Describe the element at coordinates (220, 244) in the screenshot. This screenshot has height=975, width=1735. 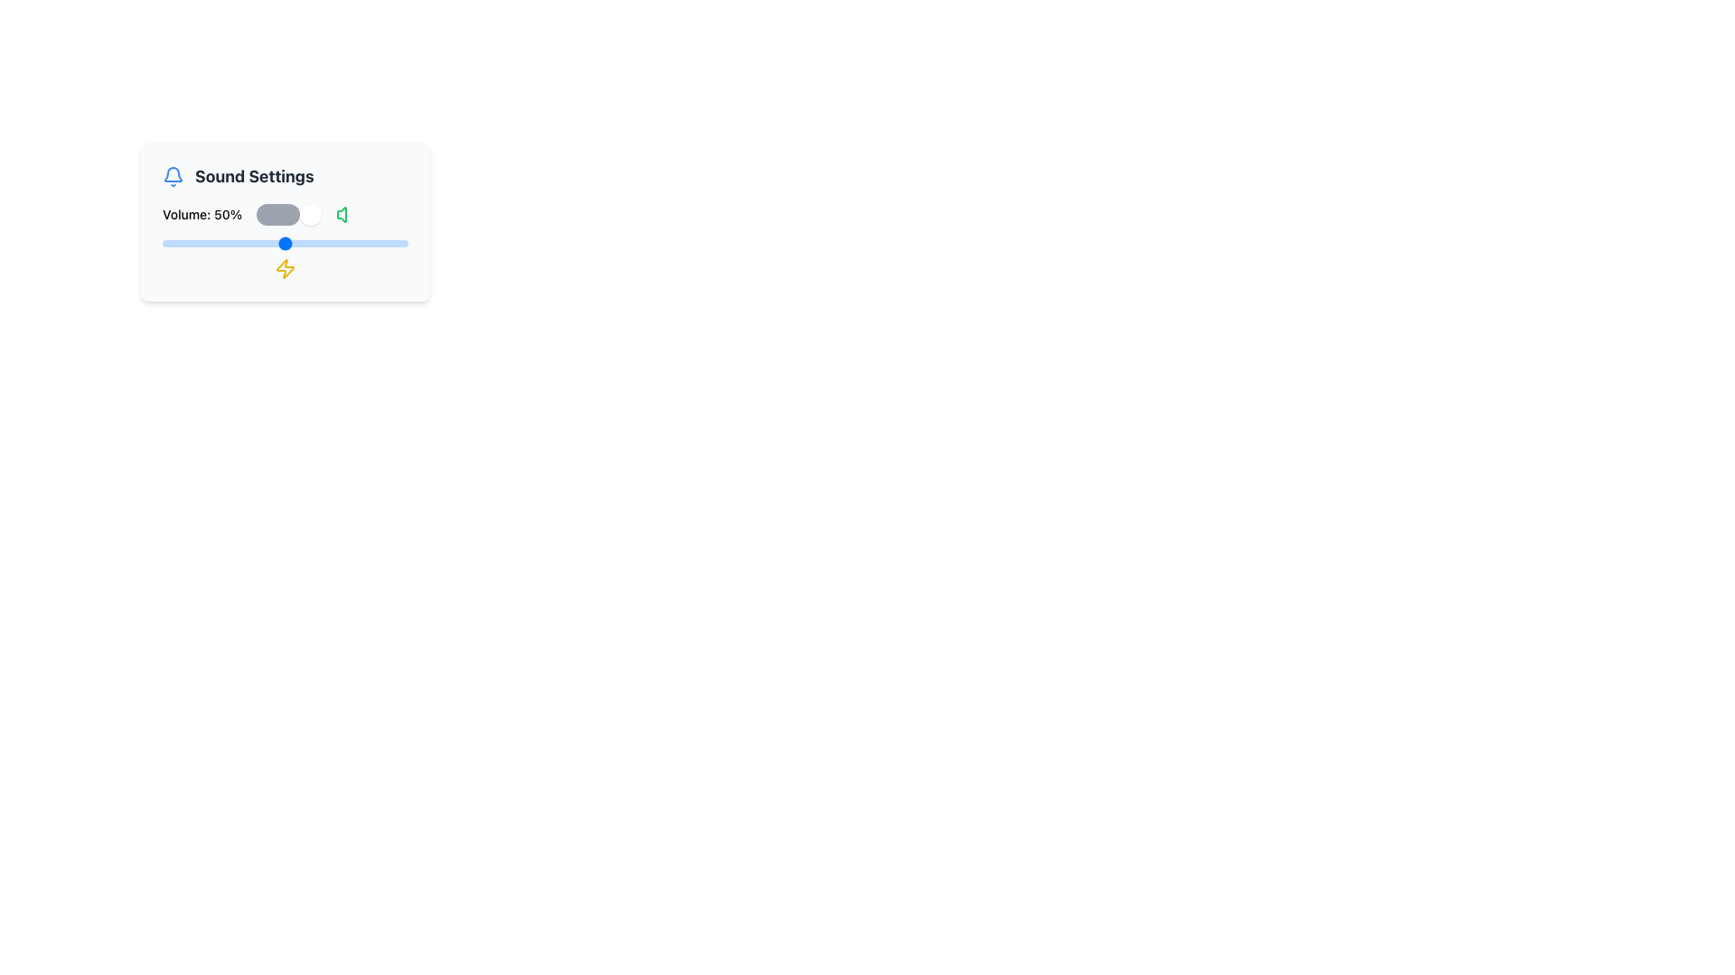
I see `the volume` at that location.